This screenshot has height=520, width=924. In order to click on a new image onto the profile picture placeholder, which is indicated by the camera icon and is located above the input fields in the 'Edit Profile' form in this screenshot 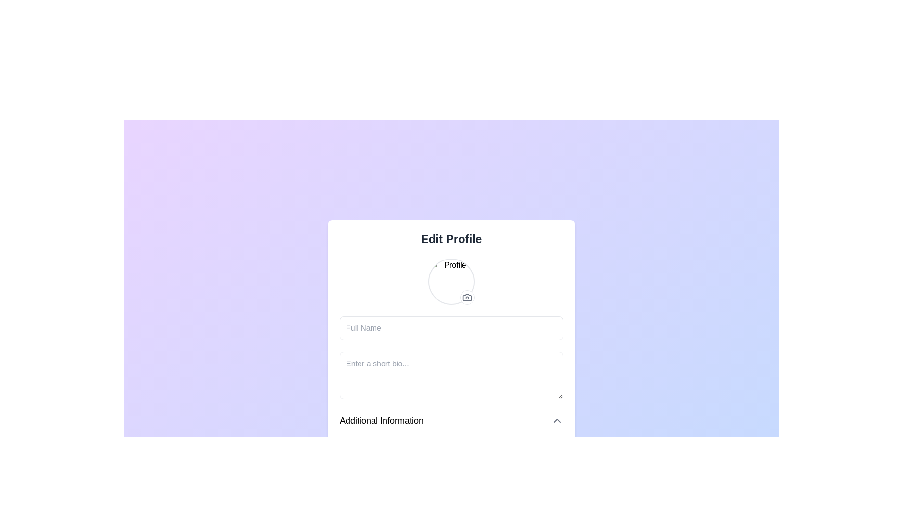, I will do `click(450, 281)`.